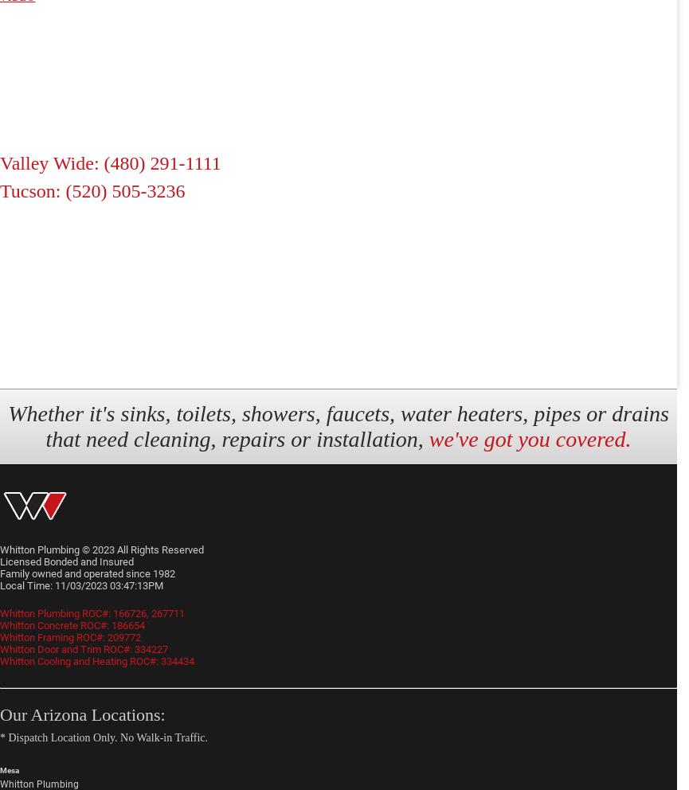 The width and height of the screenshot is (689, 790). I want to click on 'Licensed Bonded and Insured', so click(0, 561).